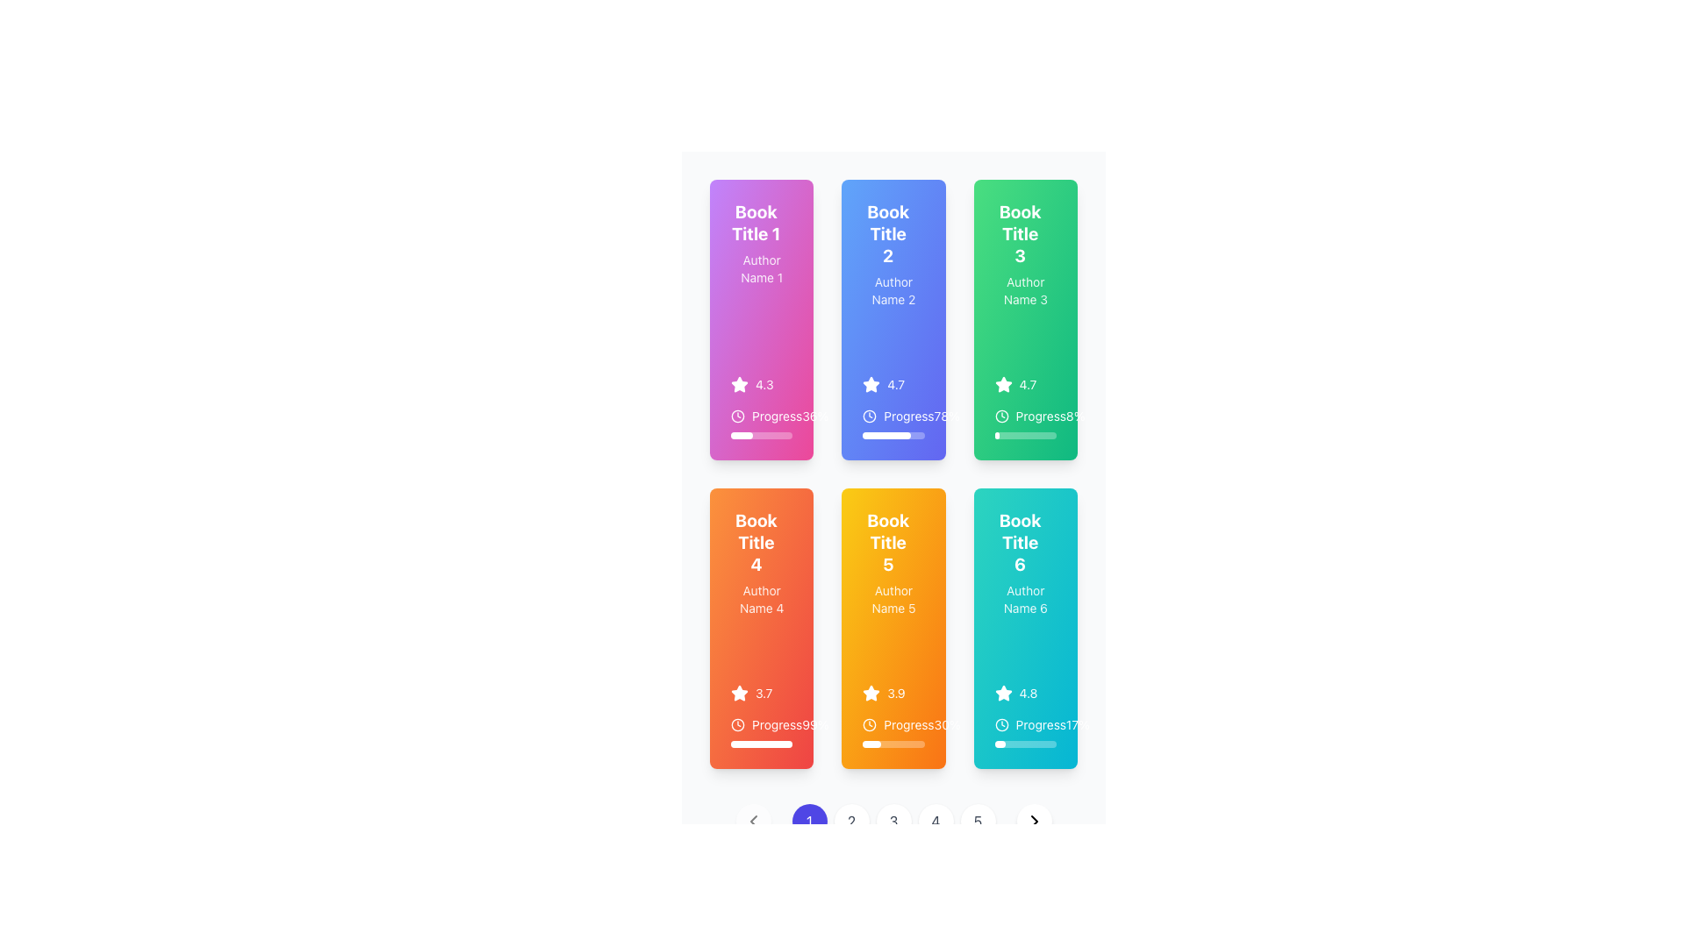  What do you see at coordinates (1003, 692) in the screenshot?
I see `the Rating star icon located to the left of the '4.8' text in the third card of the second row in the grid layout` at bounding box center [1003, 692].